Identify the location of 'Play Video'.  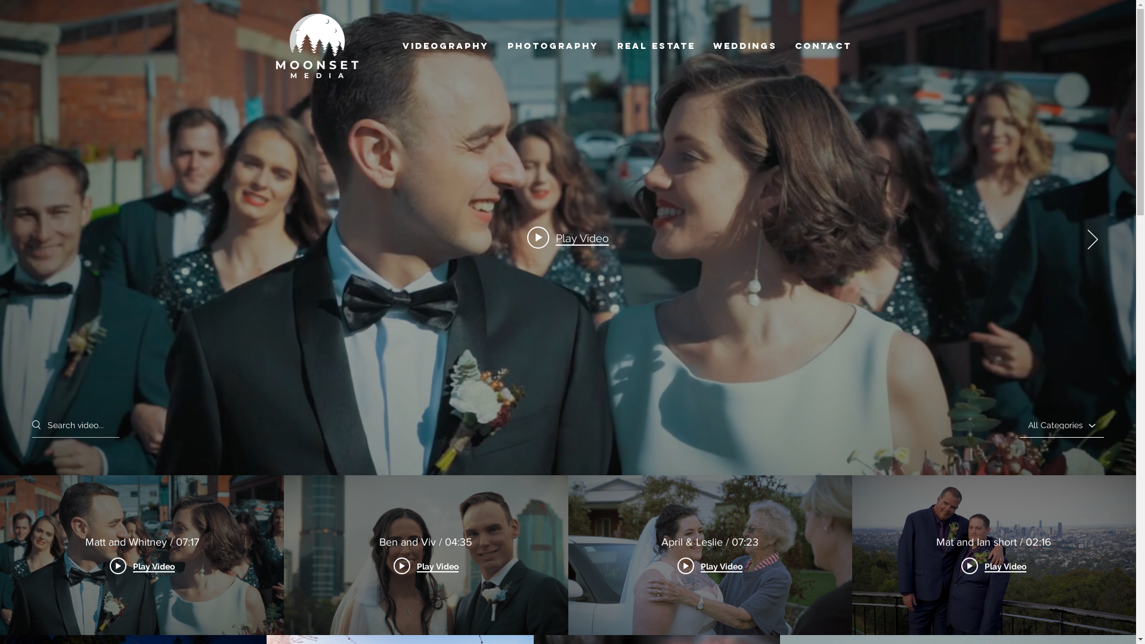
(710, 565).